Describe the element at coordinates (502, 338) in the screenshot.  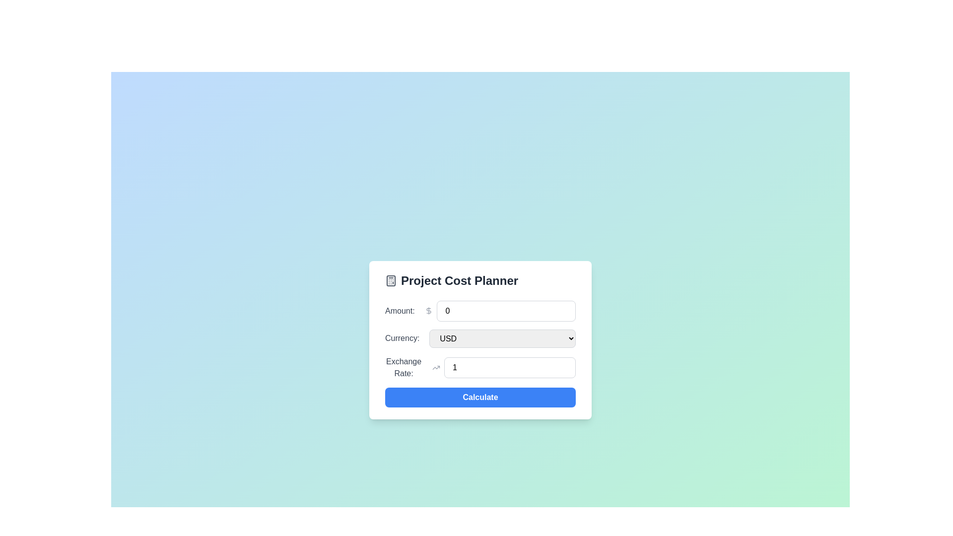
I see `an option from the dropdown menu labeled 'Currency:' that currently displays 'USD'` at that location.